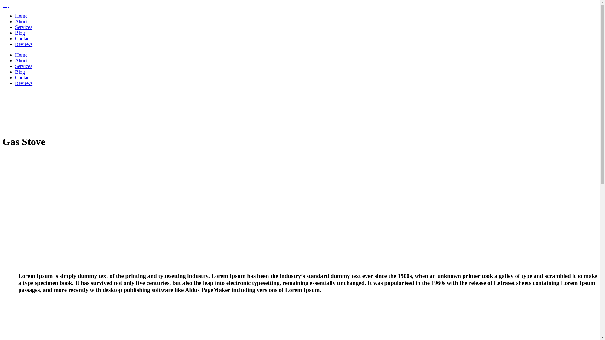 This screenshot has width=605, height=340. What do you see at coordinates (24, 44) in the screenshot?
I see `'Reviews'` at bounding box center [24, 44].